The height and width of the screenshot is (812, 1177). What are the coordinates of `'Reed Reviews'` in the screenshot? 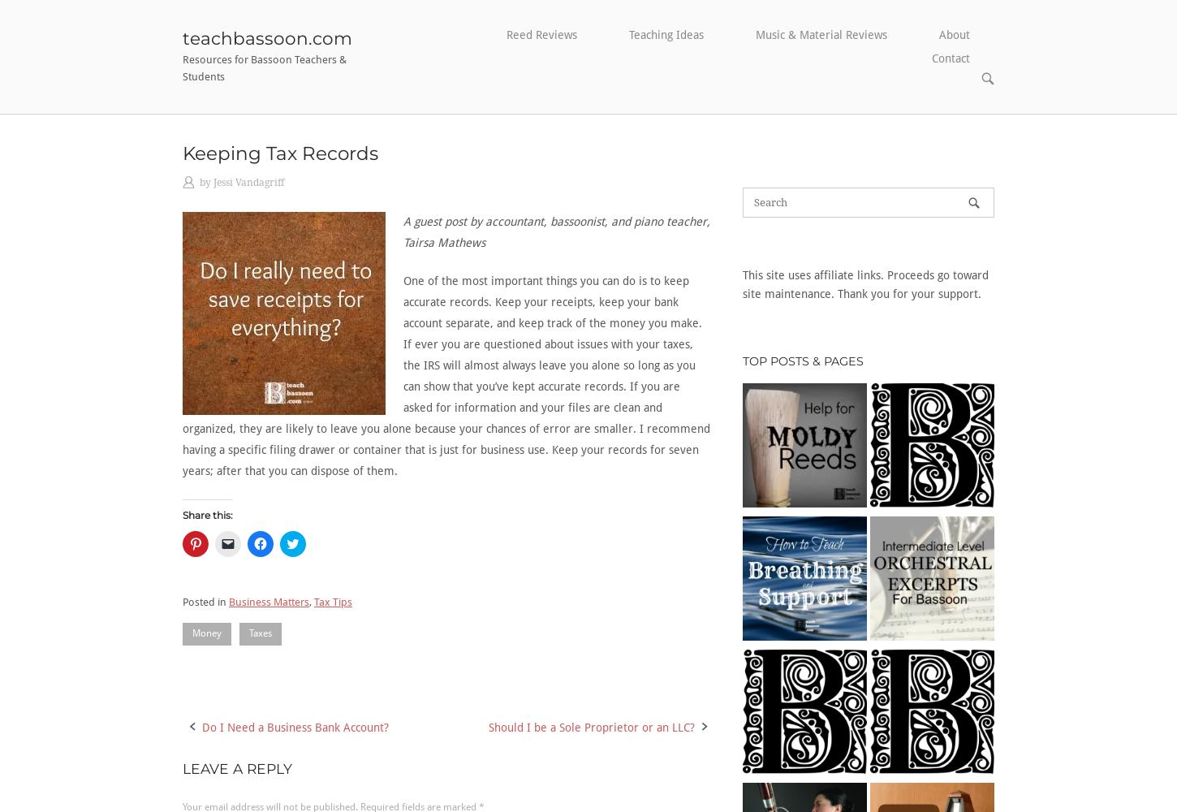 It's located at (541, 35).